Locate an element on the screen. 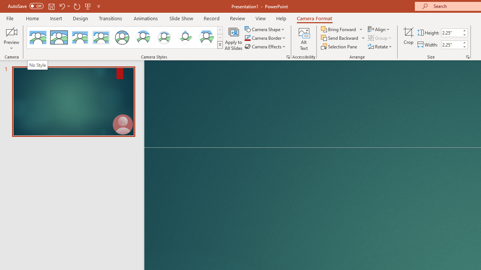  'Center Shadow Hexagon' is located at coordinates (206, 37).